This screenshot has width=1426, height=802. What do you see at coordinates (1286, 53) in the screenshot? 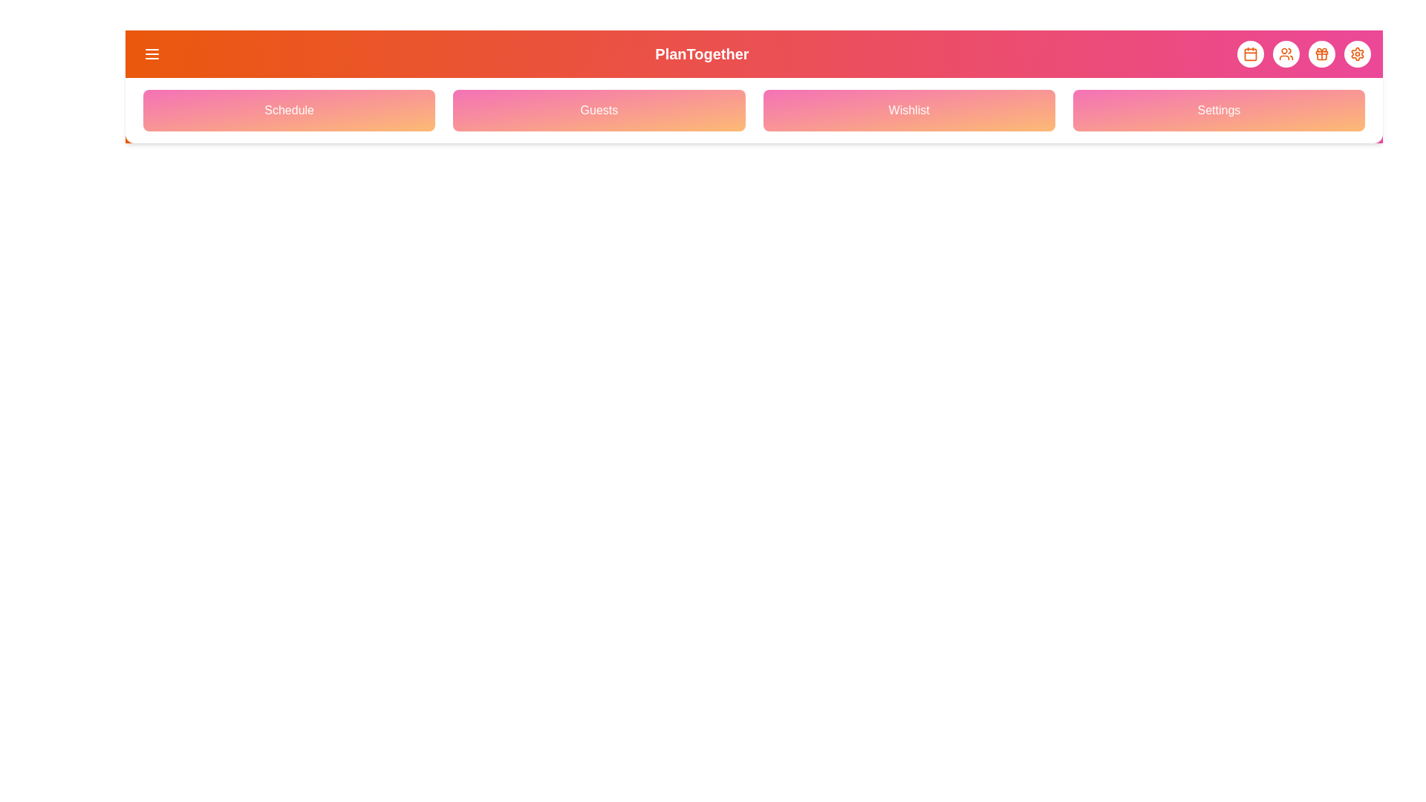
I see `the element with Users Icon to observe its hover effect` at bounding box center [1286, 53].